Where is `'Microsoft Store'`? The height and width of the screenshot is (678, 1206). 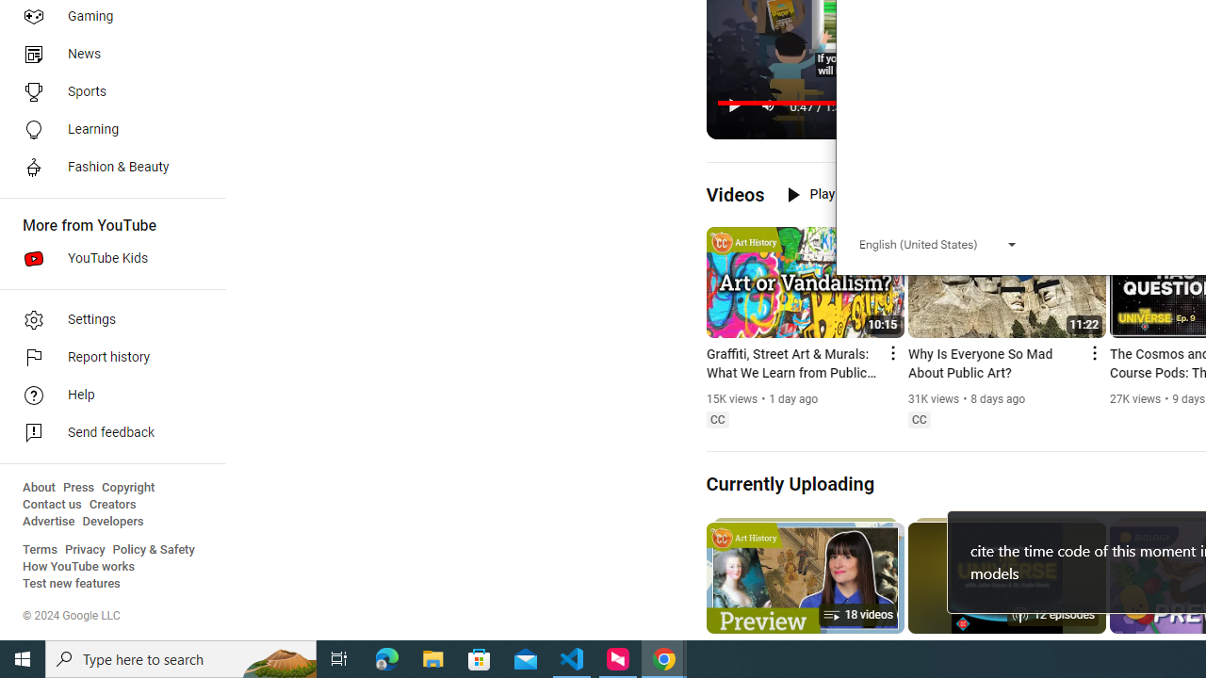 'Microsoft Store' is located at coordinates (480, 657).